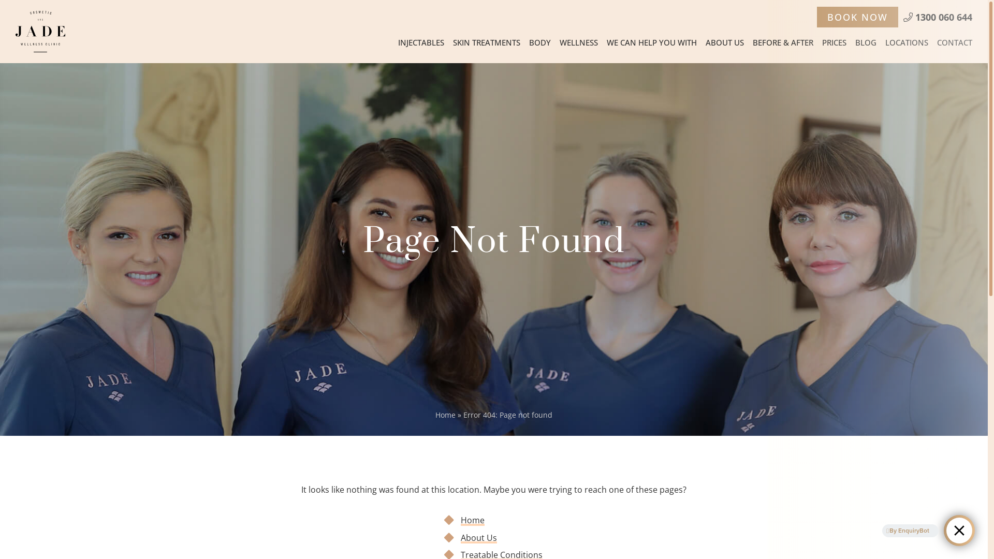 This screenshot has height=559, width=994. What do you see at coordinates (866, 41) in the screenshot?
I see `'BLOG'` at bounding box center [866, 41].